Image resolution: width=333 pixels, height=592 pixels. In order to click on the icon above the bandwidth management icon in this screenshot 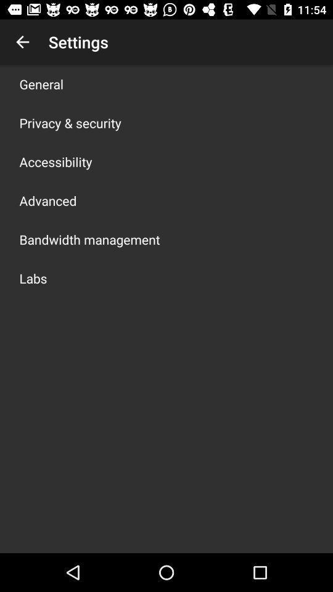, I will do `click(47, 200)`.